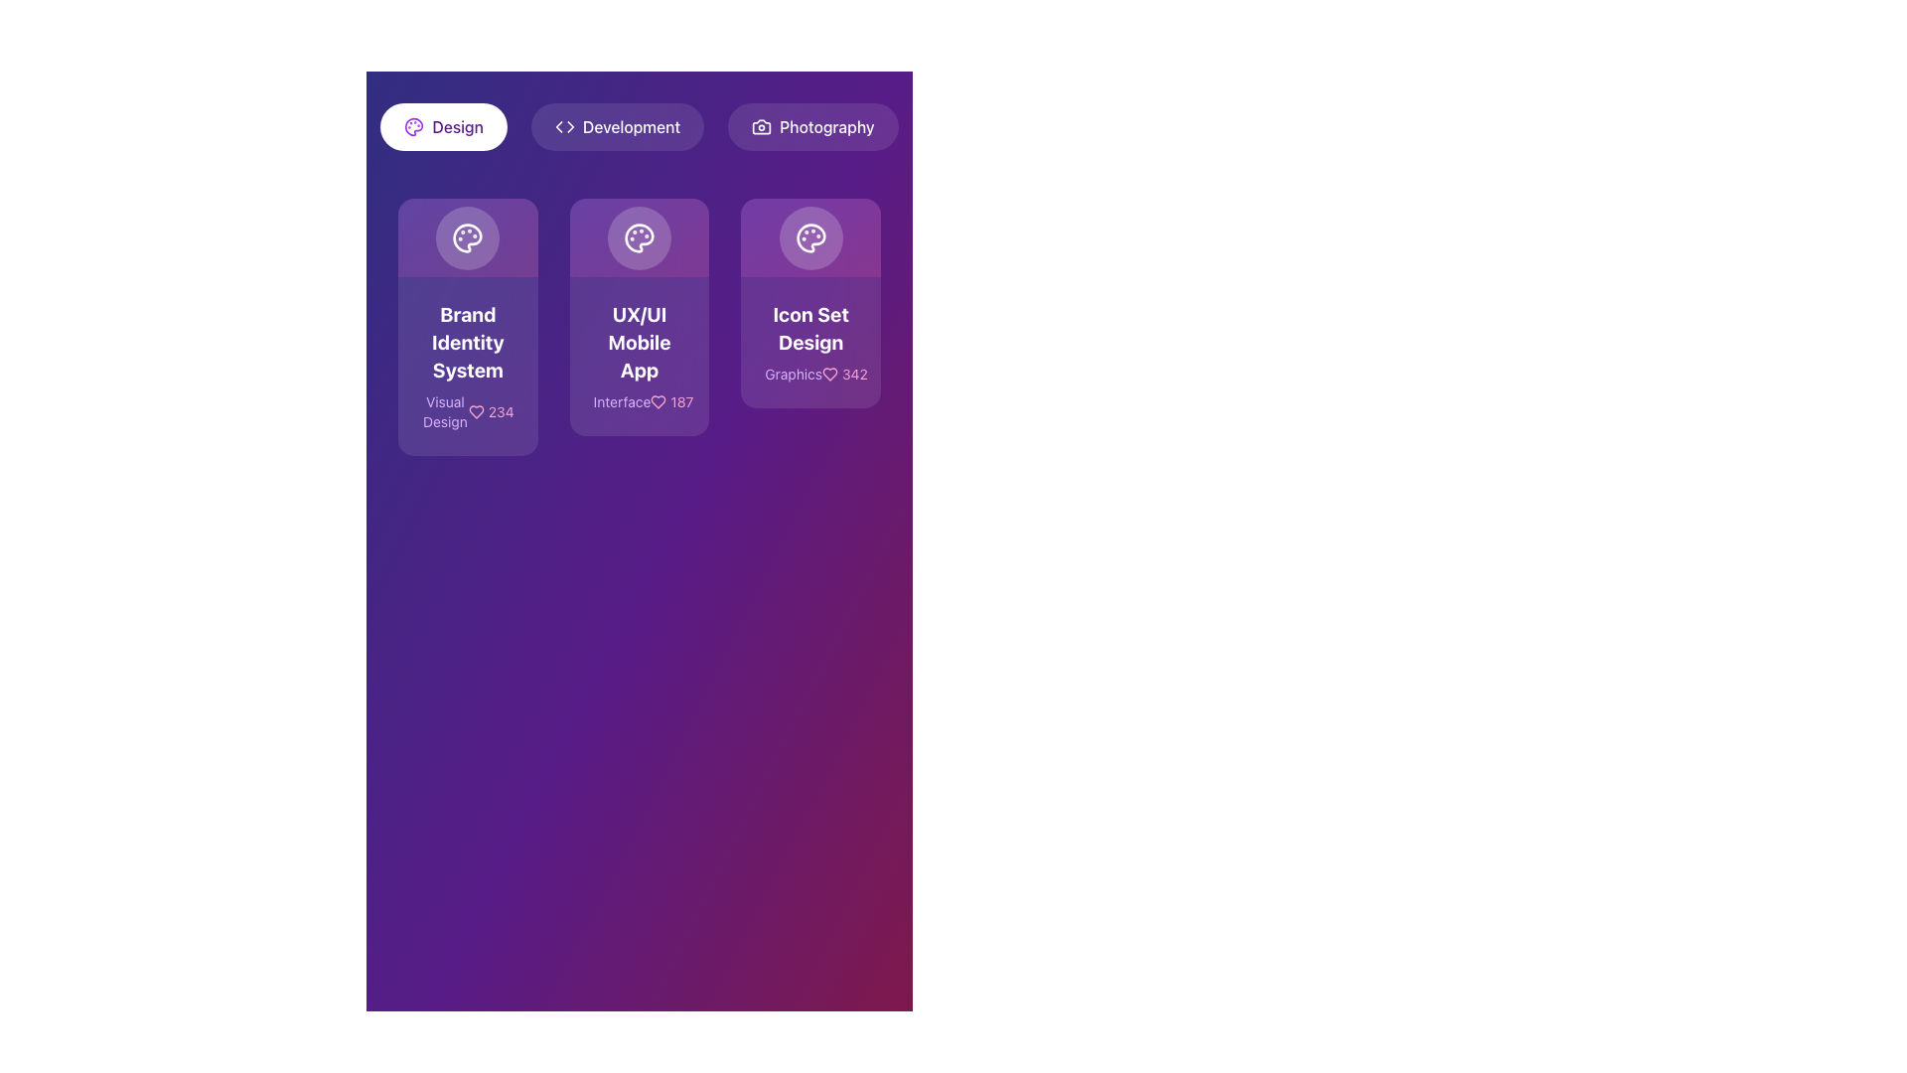  What do you see at coordinates (563, 126) in the screenshot?
I see `the SVG icon representing a pair of angle brackets ('<>') as part of the 'Development' button's visual representation` at bounding box center [563, 126].